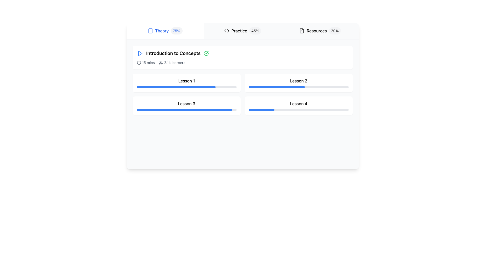 The height and width of the screenshot is (280, 498). What do you see at coordinates (161, 62) in the screenshot?
I see `the Users icon located in the header row next to the text '2.1k learners', which represents multiple participants or learners` at bounding box center [161, 62].